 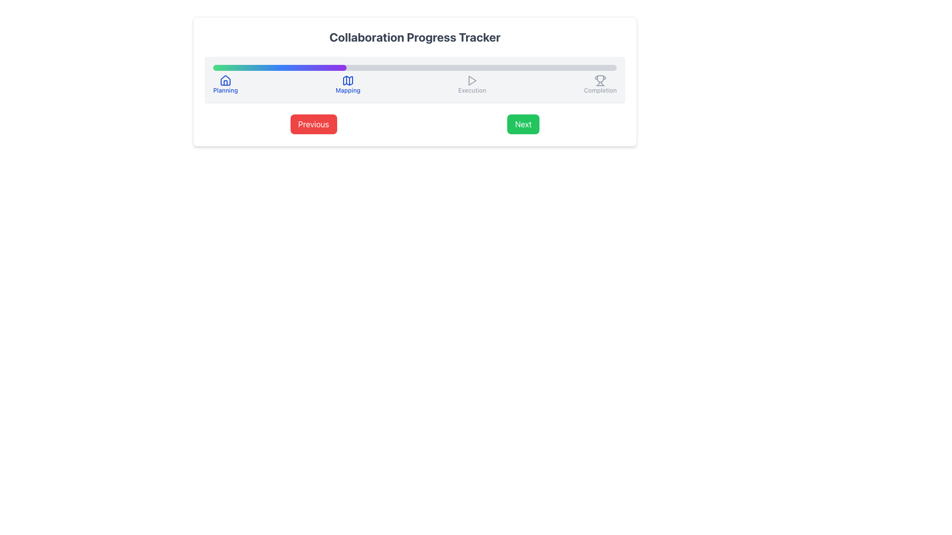 What do you see at coordinates (415, 36) in the screenshot?
I see `the header text display element that provides a descriptive title for the content and functionality of the surrounding interface, positioned at the upper center of the layout` at bounding box center [415, 36].